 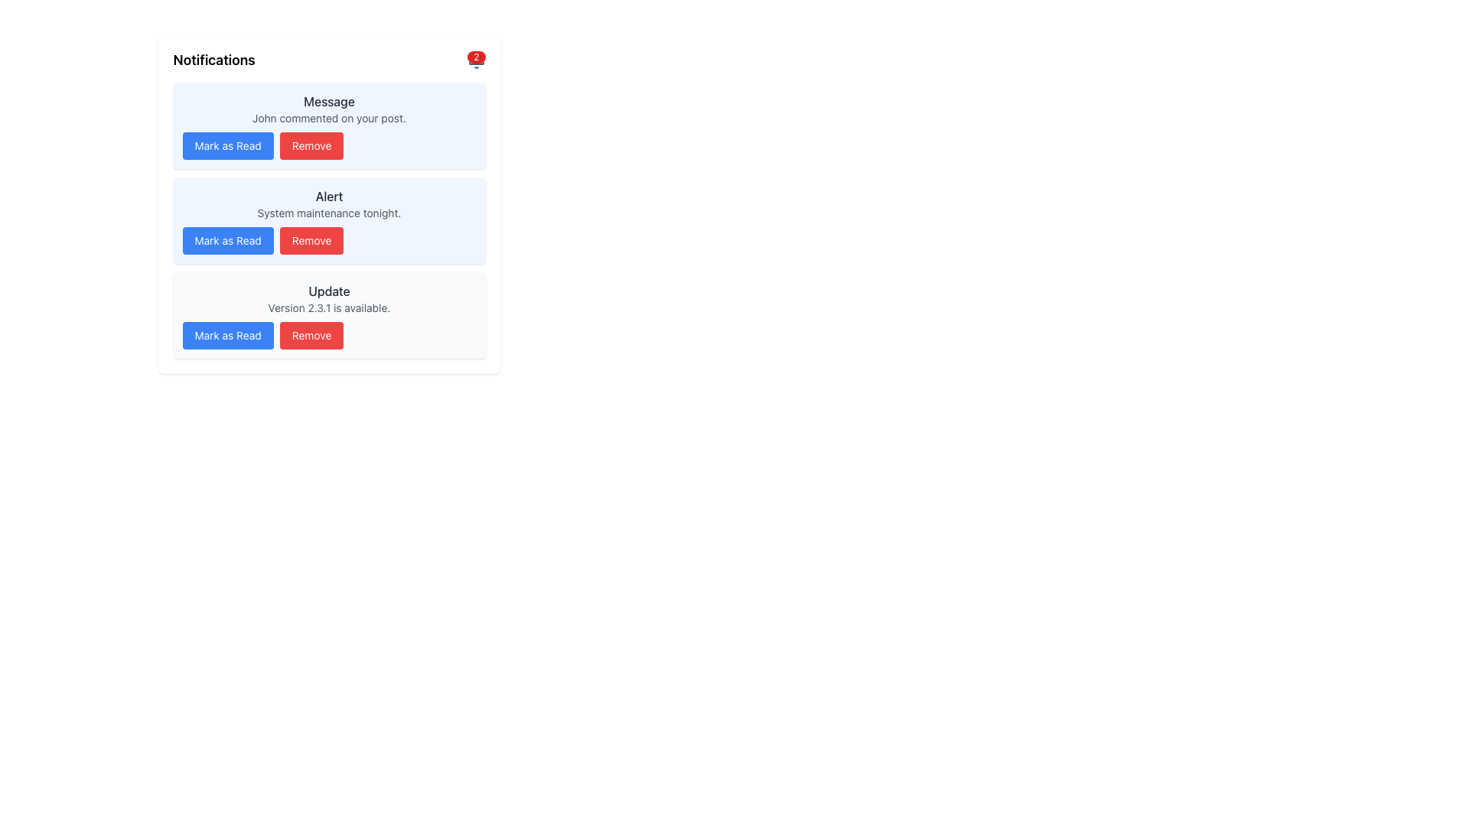 I want to click on the 'Alert' text label within the second notification block of the AlertSystem maintenance notification, so click(x=328, y=196).